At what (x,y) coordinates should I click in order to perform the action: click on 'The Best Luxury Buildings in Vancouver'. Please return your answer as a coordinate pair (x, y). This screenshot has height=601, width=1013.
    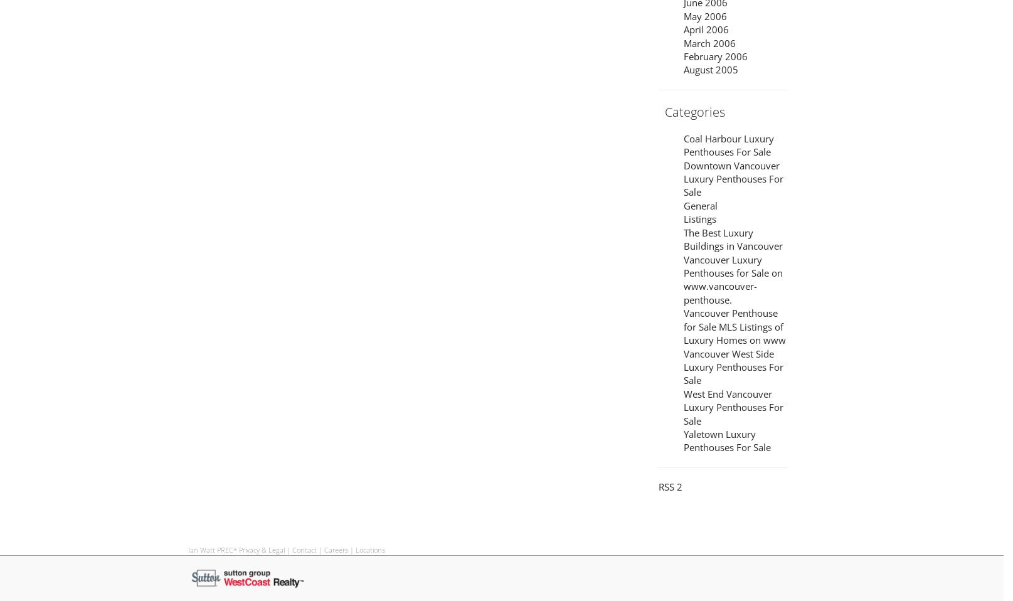
    Looking at the image, I should click on (732, 238).